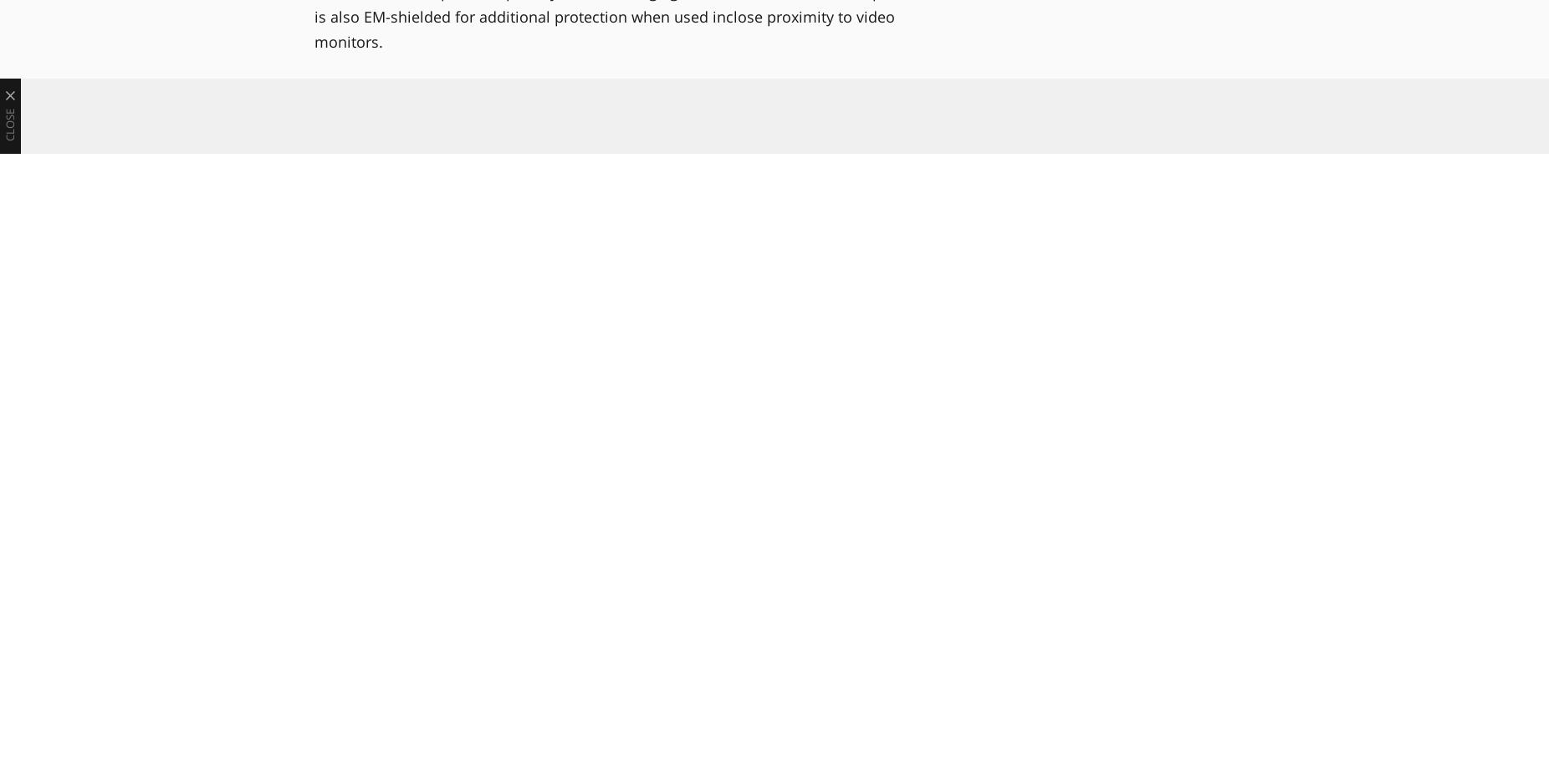 The width and height of the screenshot is (1549, 759). Describe the element at coordinates (361, 436) in the screenshot. I see `'Related'` at that location.